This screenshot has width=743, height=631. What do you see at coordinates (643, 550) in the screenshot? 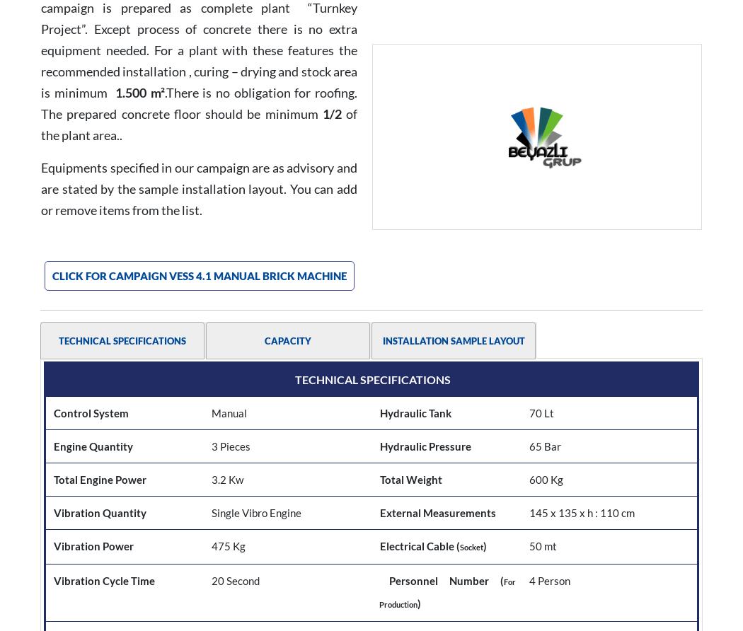
I see `'Yanlıca Mahallesi Akoluk Belediye Karşısı Trabzon / Turkey'` at bounding box center [643, 550].